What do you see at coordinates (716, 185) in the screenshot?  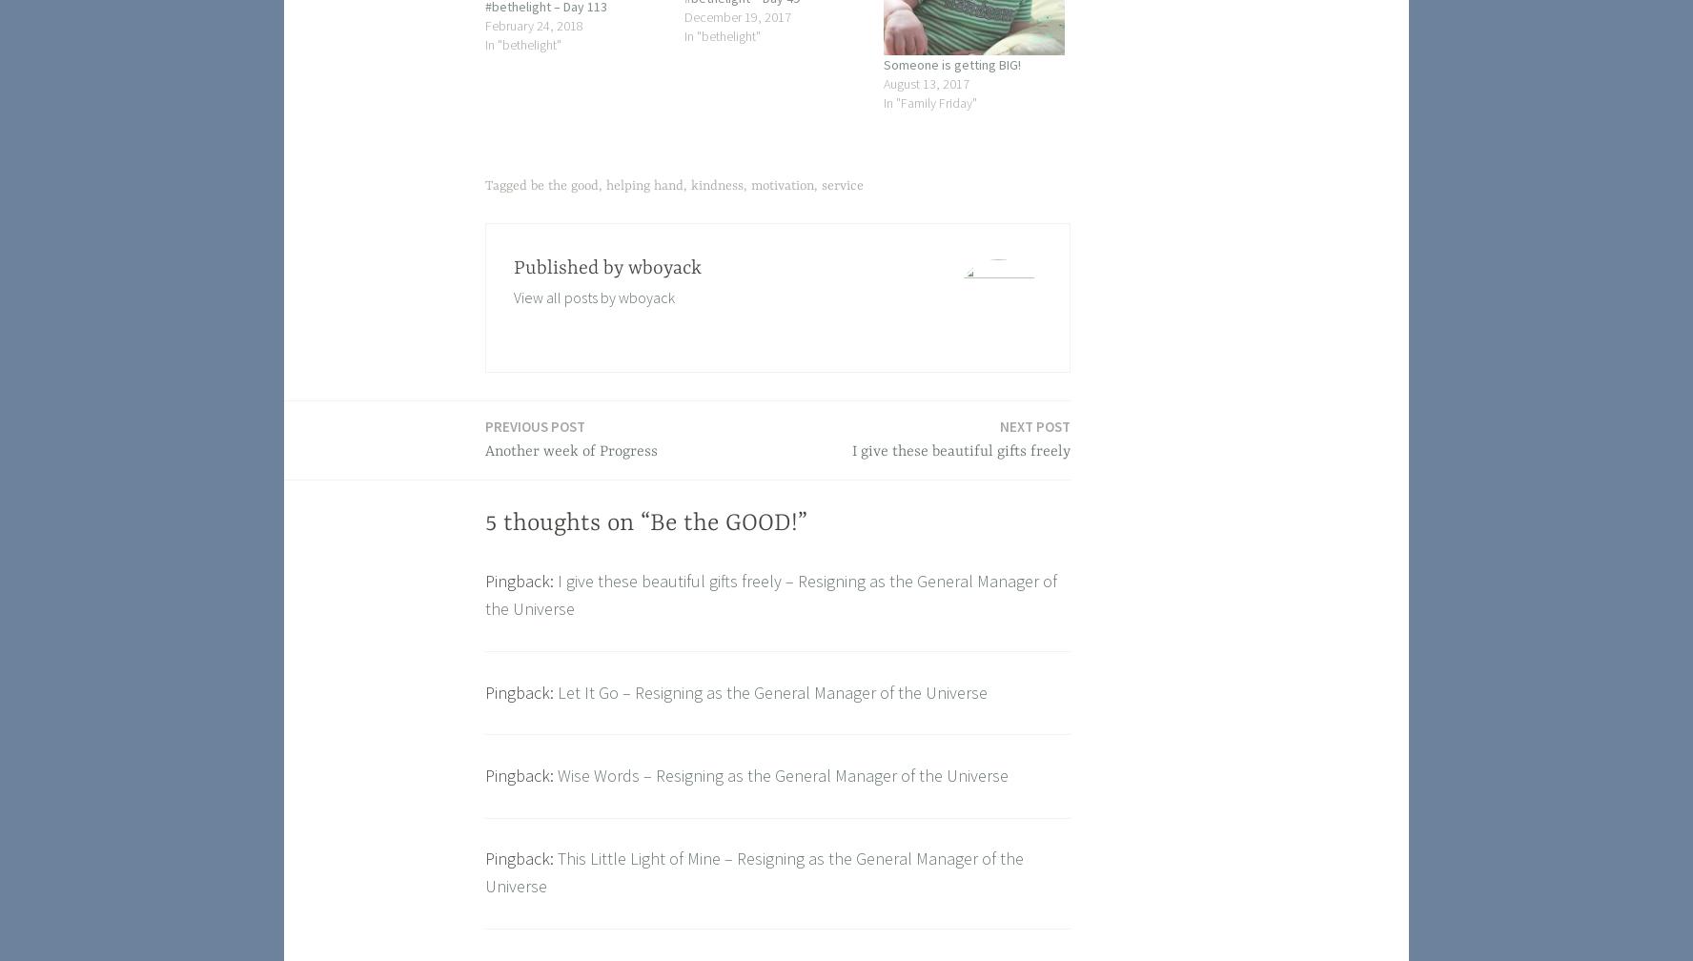 I see `'kindness'` at bounding box center [716, 185].